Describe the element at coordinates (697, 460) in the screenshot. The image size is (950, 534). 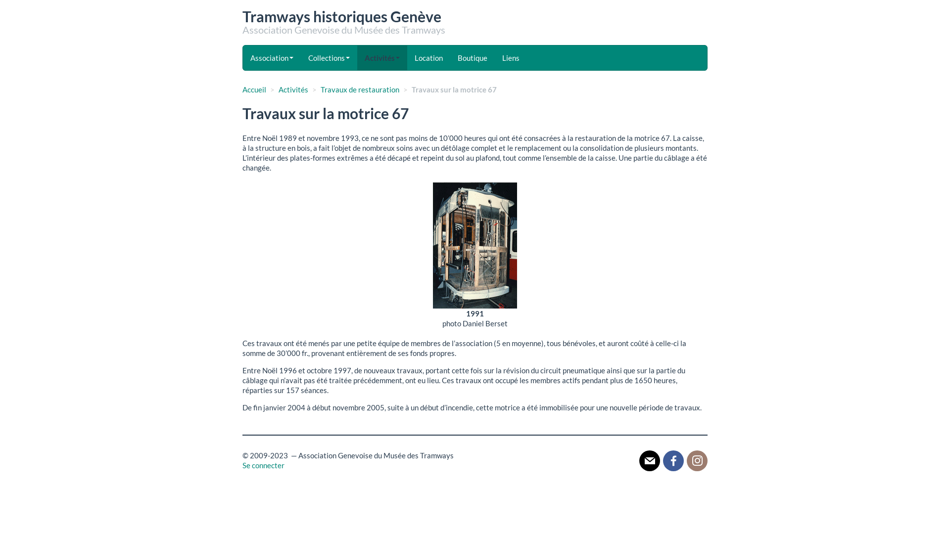
I see `'Instagram'` at that location.